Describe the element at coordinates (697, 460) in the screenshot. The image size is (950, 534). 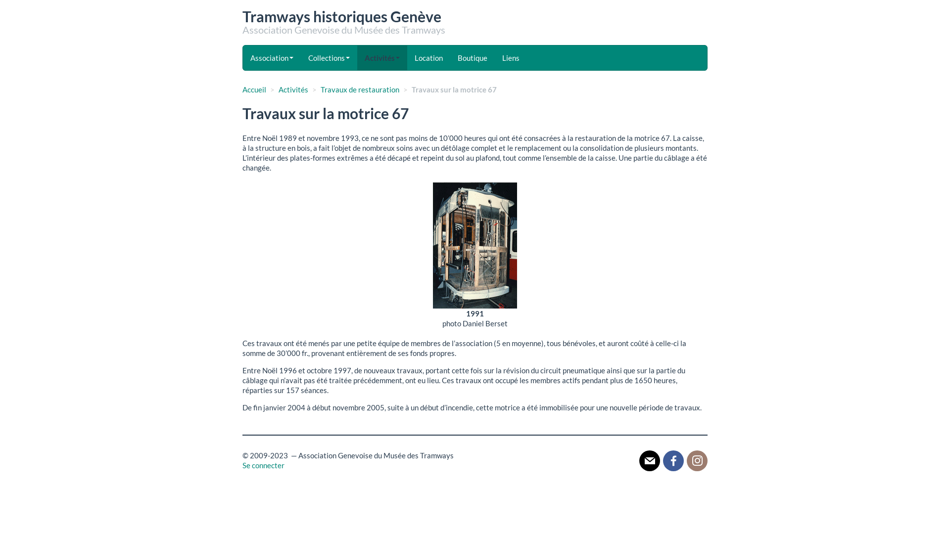
I see `'Instagram'` at that location.